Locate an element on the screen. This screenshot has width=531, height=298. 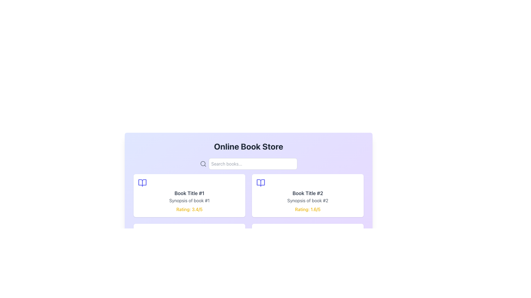
the text label 'Synopsis of book #2' which is styled in gray and located below the title 'Book Title #2' in the right-side card of a two-card layout is located at coordinates (308, 200).